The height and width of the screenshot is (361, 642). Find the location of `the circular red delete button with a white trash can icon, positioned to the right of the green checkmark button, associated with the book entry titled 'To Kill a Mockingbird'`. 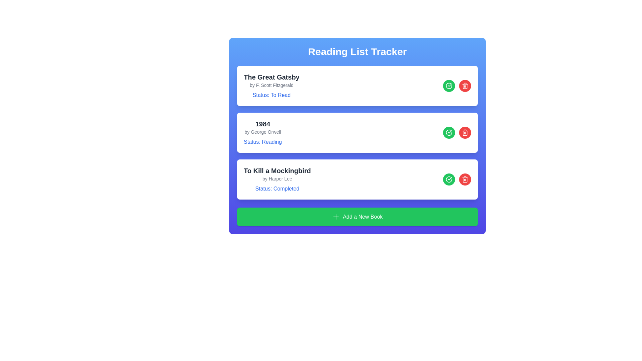

the circular red delete button with a white trash can icon, positioned to the right of the green checkmark button, associated with the book entry titled 'To Kill a Mockingbird' is located at coordinates (465, 179).